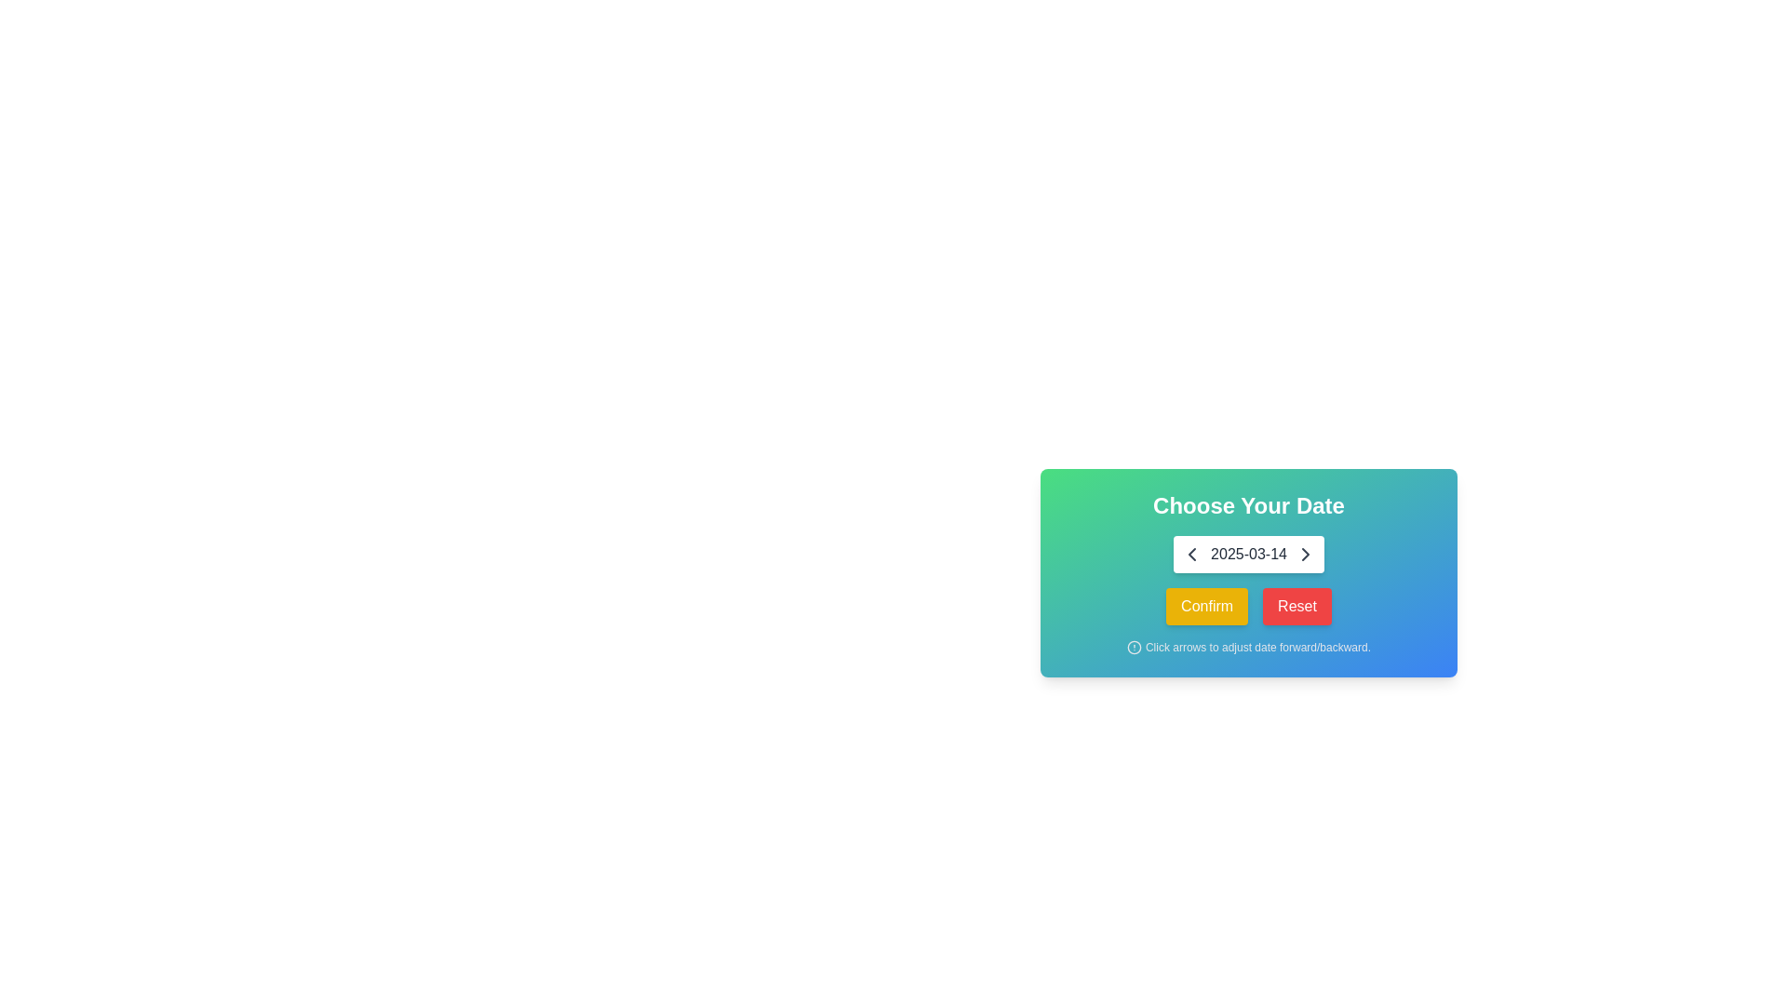 The width and height of the screenshot is (1787, 1005). I want to click on the 'Reset' button on the Date Picker Interface to clear the selection, so click(1249, 572).